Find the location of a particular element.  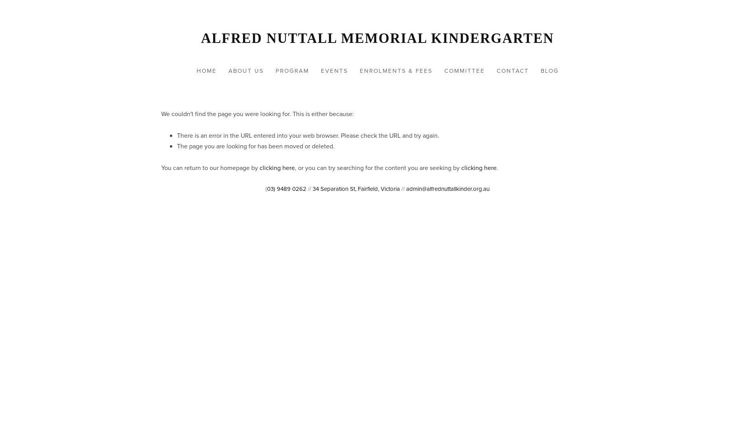

'03) 9489 0262' is located at coordinates (286, 188).